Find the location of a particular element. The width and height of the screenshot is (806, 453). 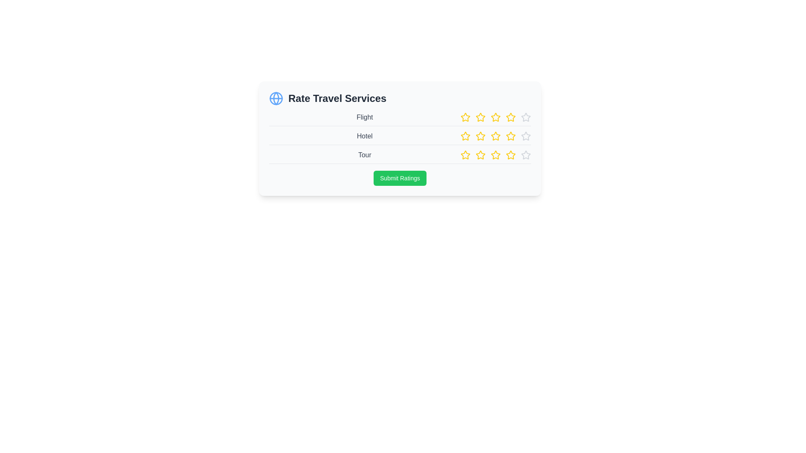

the fourth star icon representing the rating level for the 'Flight' service in the 'Rate Travel Services' panel is located at coordinates (495, 117).